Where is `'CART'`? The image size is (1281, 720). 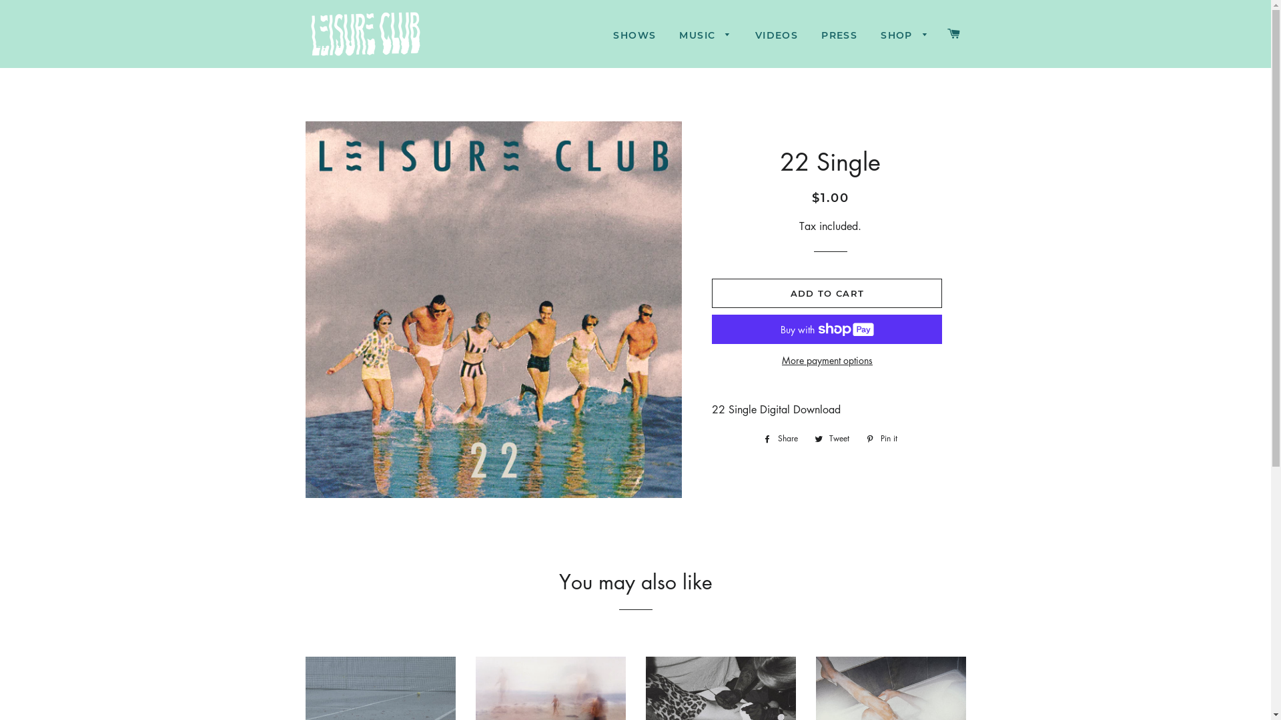 'CART' is located at coordinates (941, 33).